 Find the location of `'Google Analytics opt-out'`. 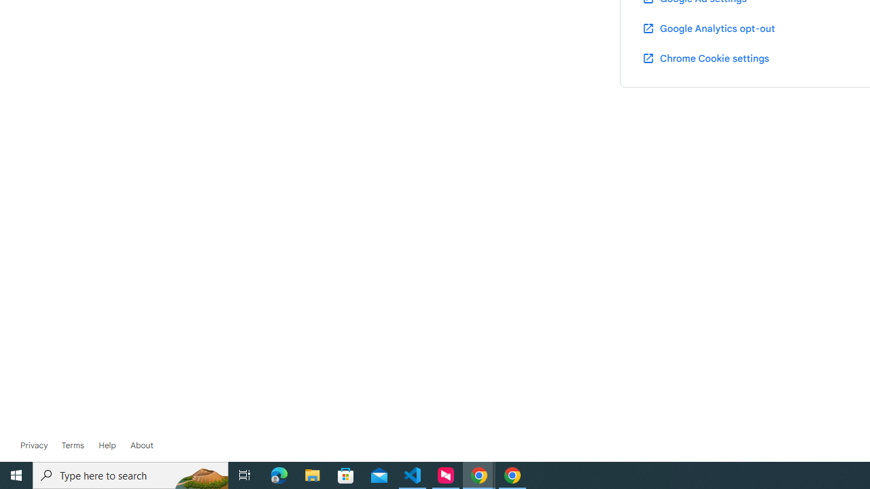

'Google Analytics opt-out' is located at coordinates (707, 28).